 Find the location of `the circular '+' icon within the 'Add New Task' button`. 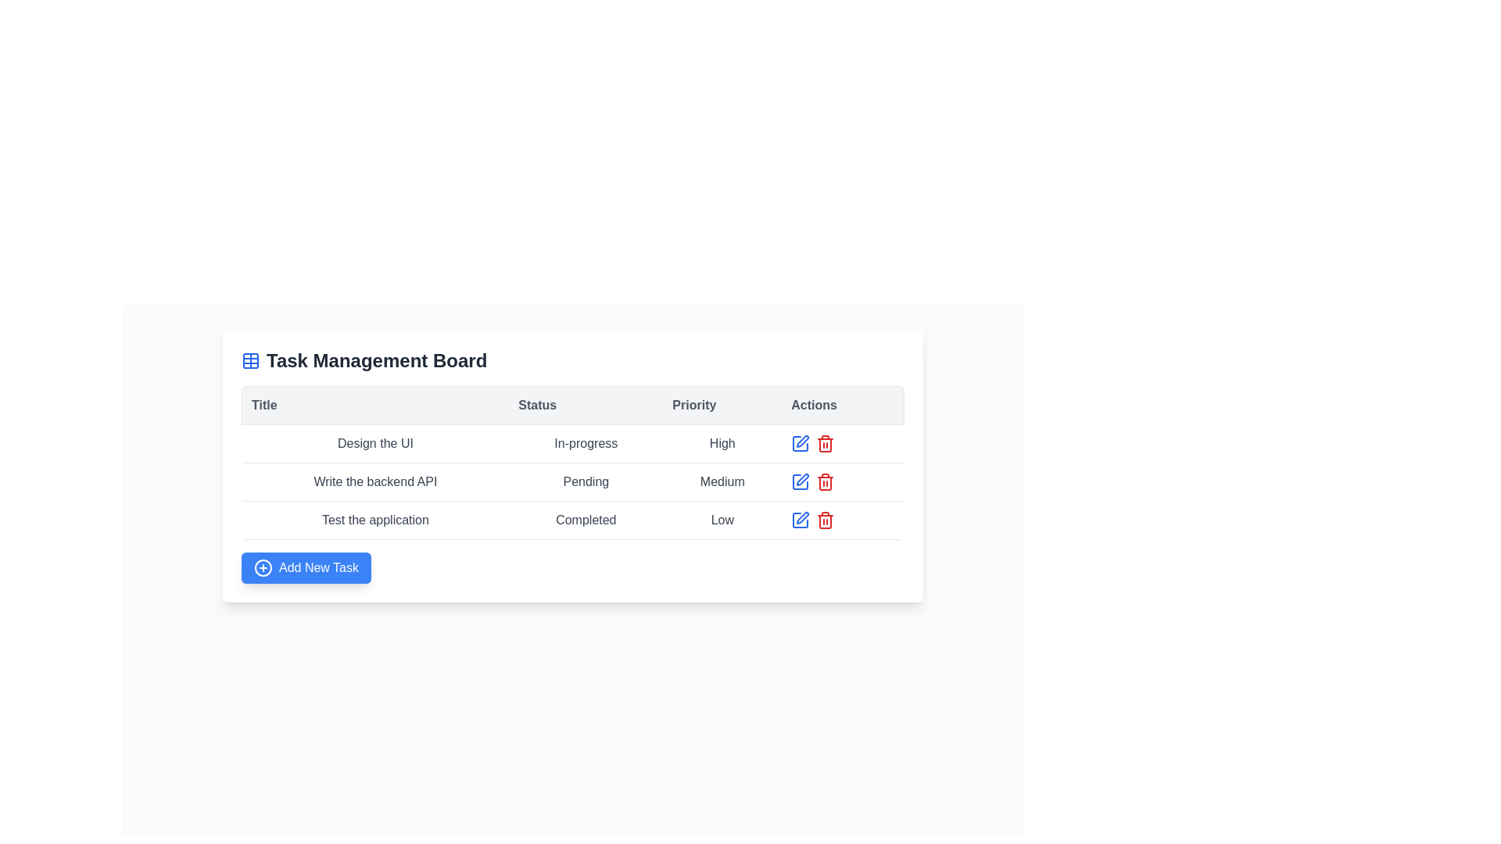

the circular '+' icon within the 'Add New Task' button is located at coordinates (263, 567).